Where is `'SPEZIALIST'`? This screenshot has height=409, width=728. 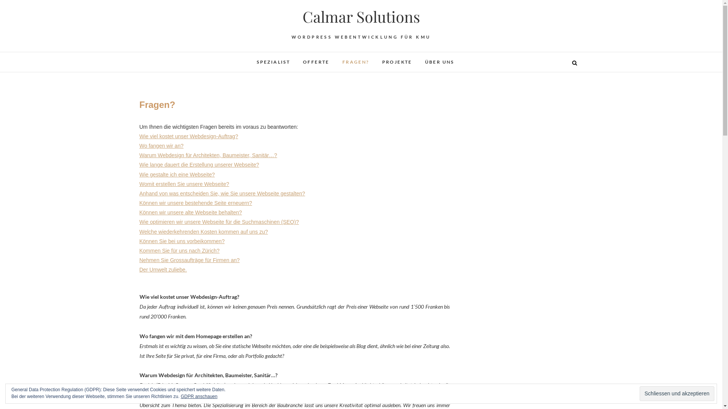
'SPEZIALIST' is located at coordinates (273, 62).